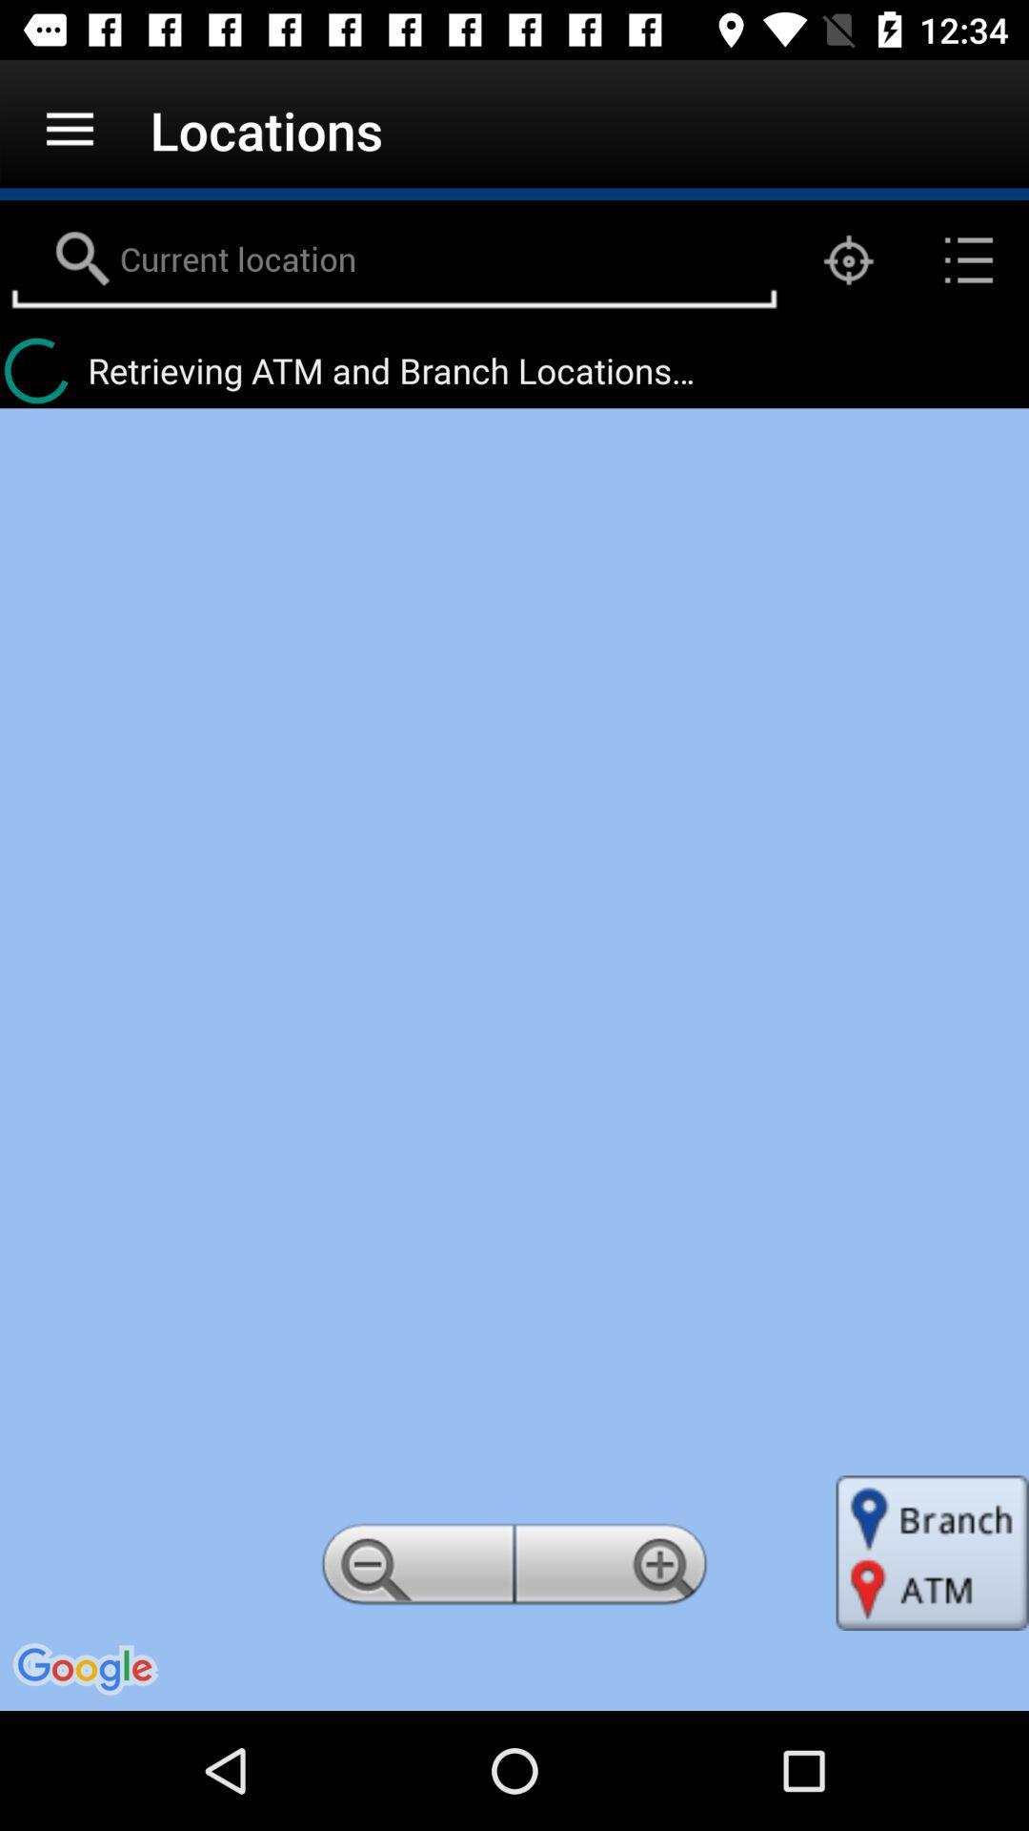 This screenshot has height=1831, width=1029. What do you see at coordinates (969, 259) in the screenshot?
I see `the list icon` at bounding box center [969, 259].